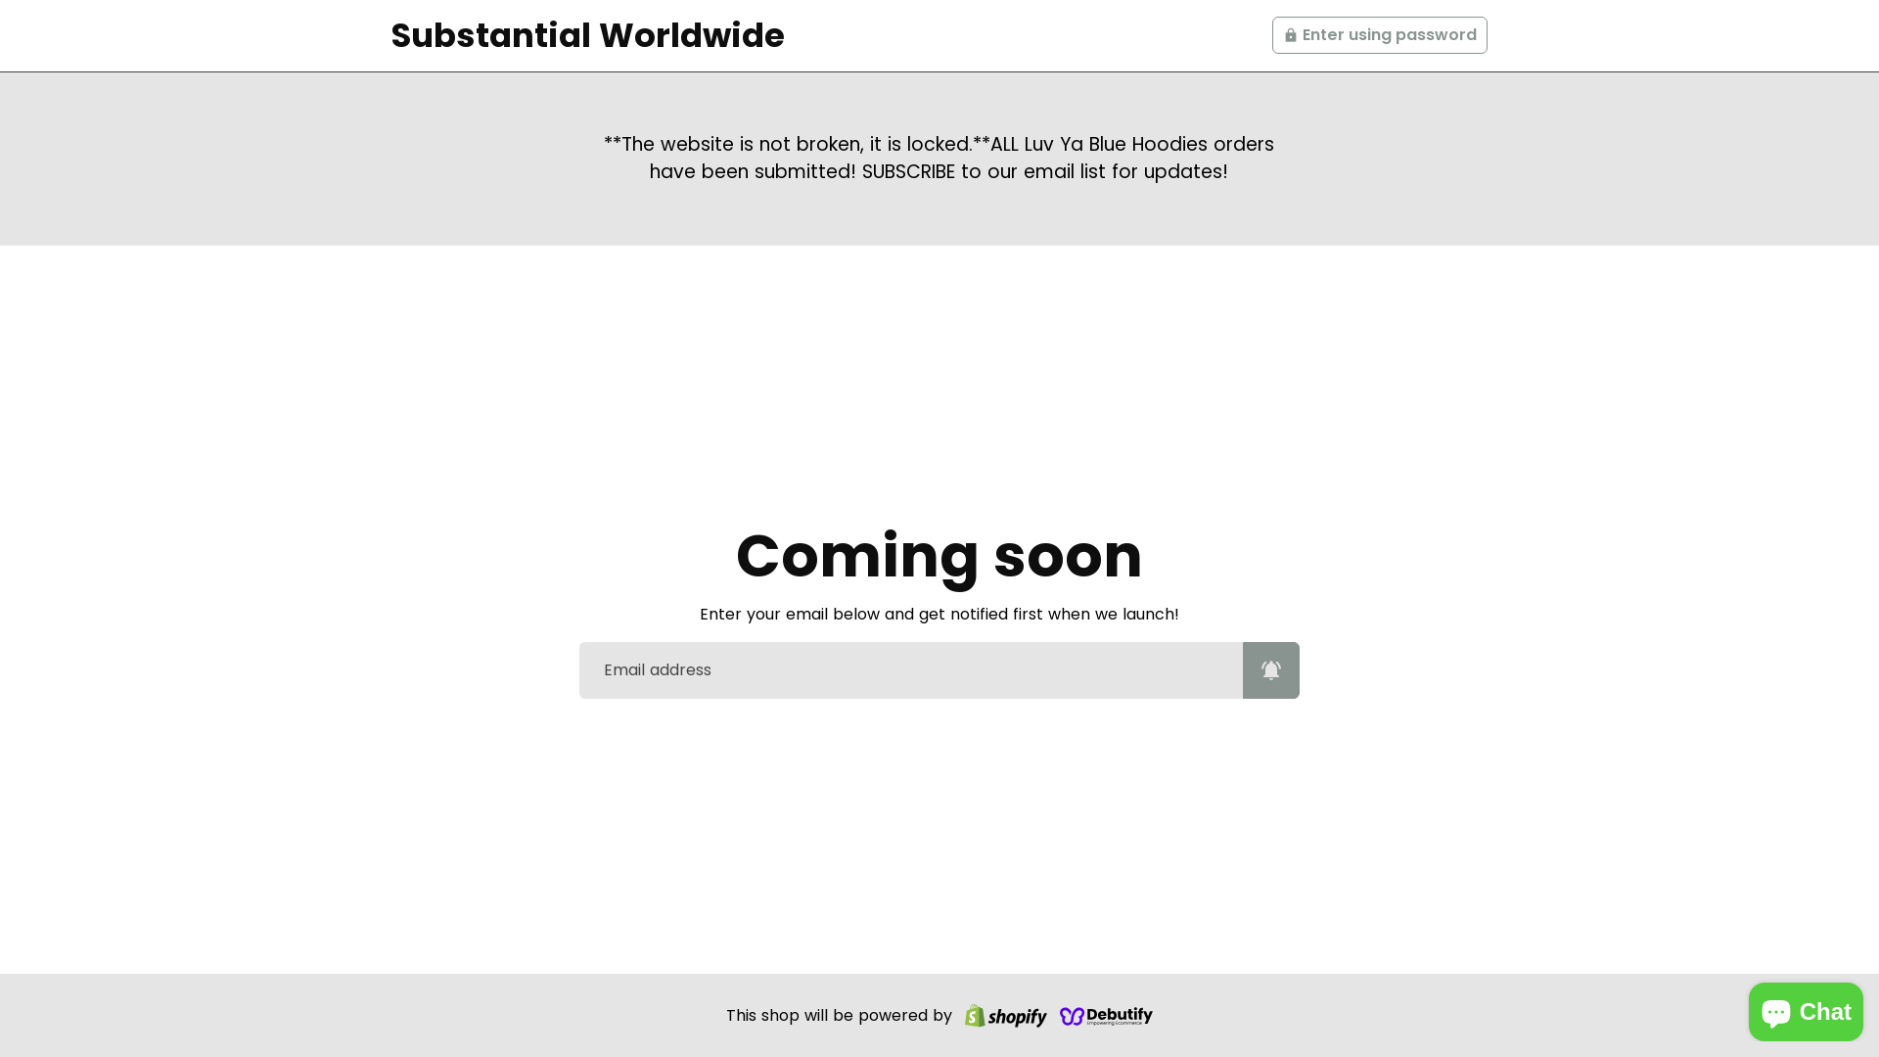 The width and height of the screenshot is (1879, 1057). Describe the element at coordinates (1379, 34) in the screenshot. I see `'lock Enter using password'` at that location.